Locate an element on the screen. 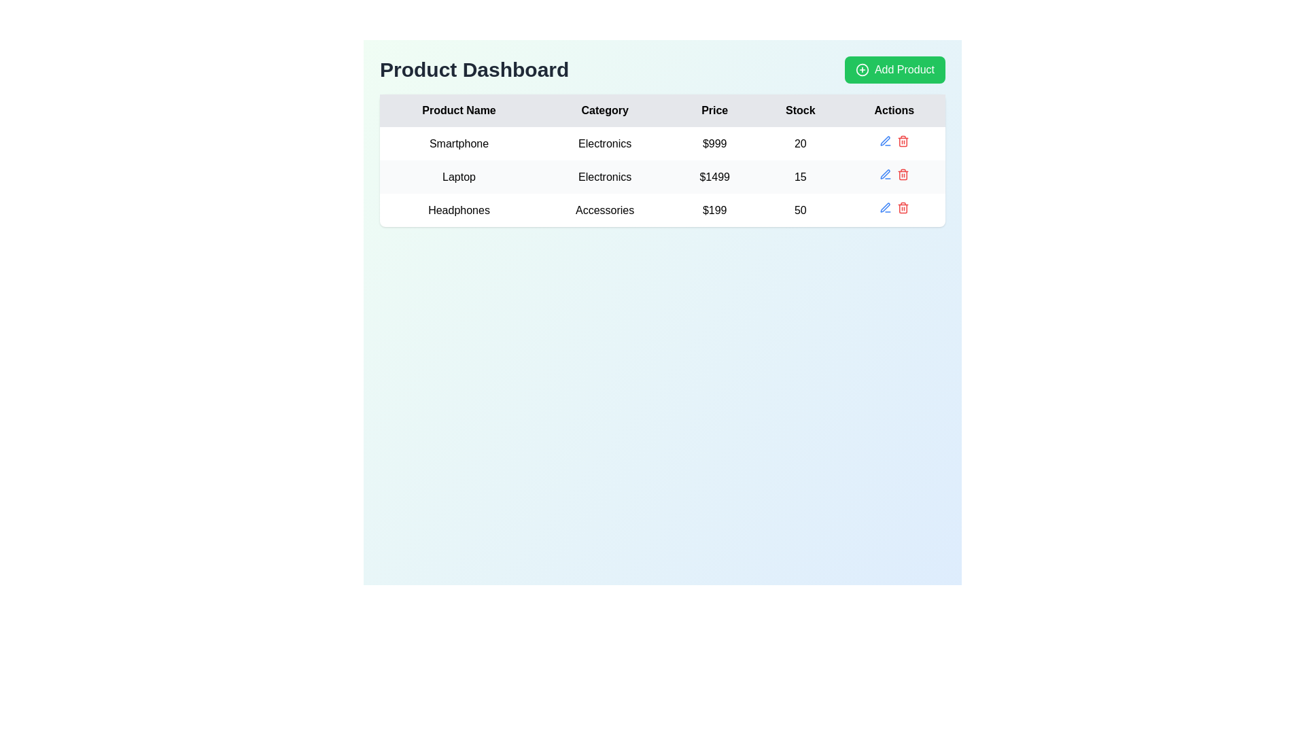 Image resolution: width=1305 pixels, height=734 pixels. the non-interactive text label indicating the category 'Headphones' in the table is located at coordinates (604, 210).